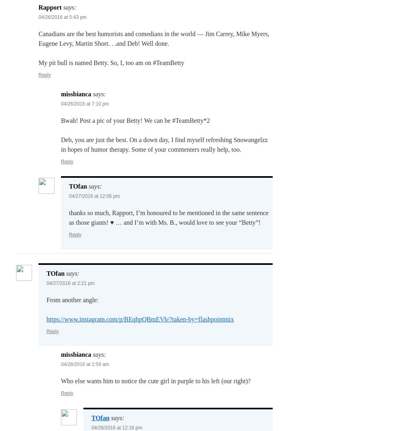  I want to click on 'https://www.instagram.com/p/BEqhpQBmEVb/?taken-by=flashpointmix', so click(47, 318).